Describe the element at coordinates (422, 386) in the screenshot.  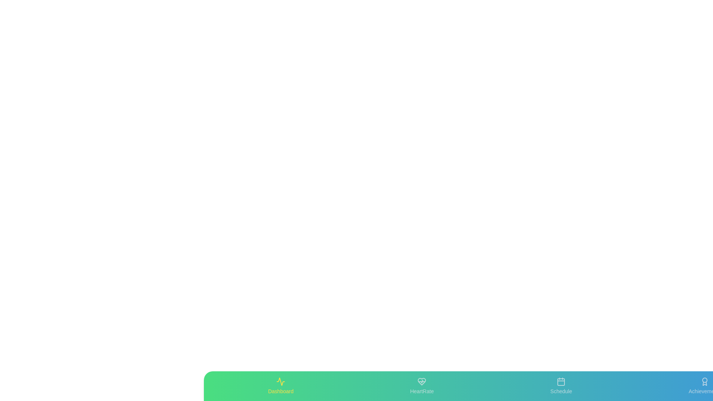
I see `the icon labeled HeartRate to display additional information` at that location.